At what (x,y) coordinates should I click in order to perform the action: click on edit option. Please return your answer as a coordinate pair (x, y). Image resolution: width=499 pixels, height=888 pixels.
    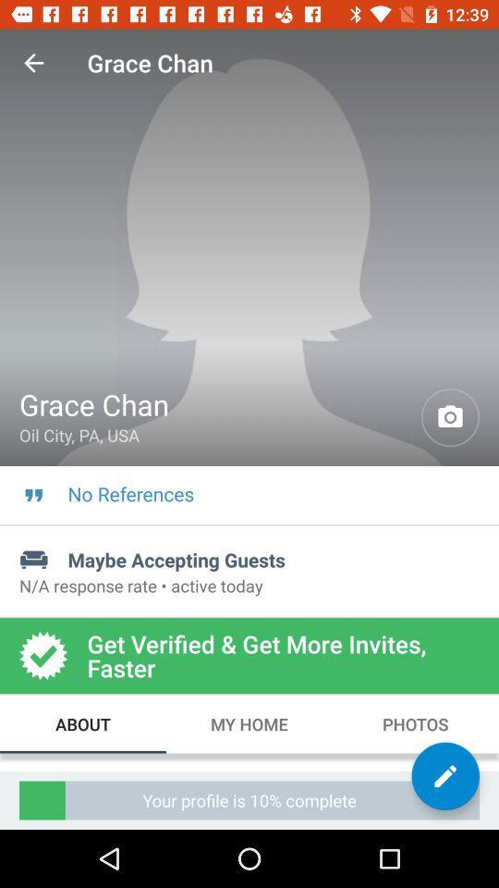
    Looking at the image, I should click on (444, 776).